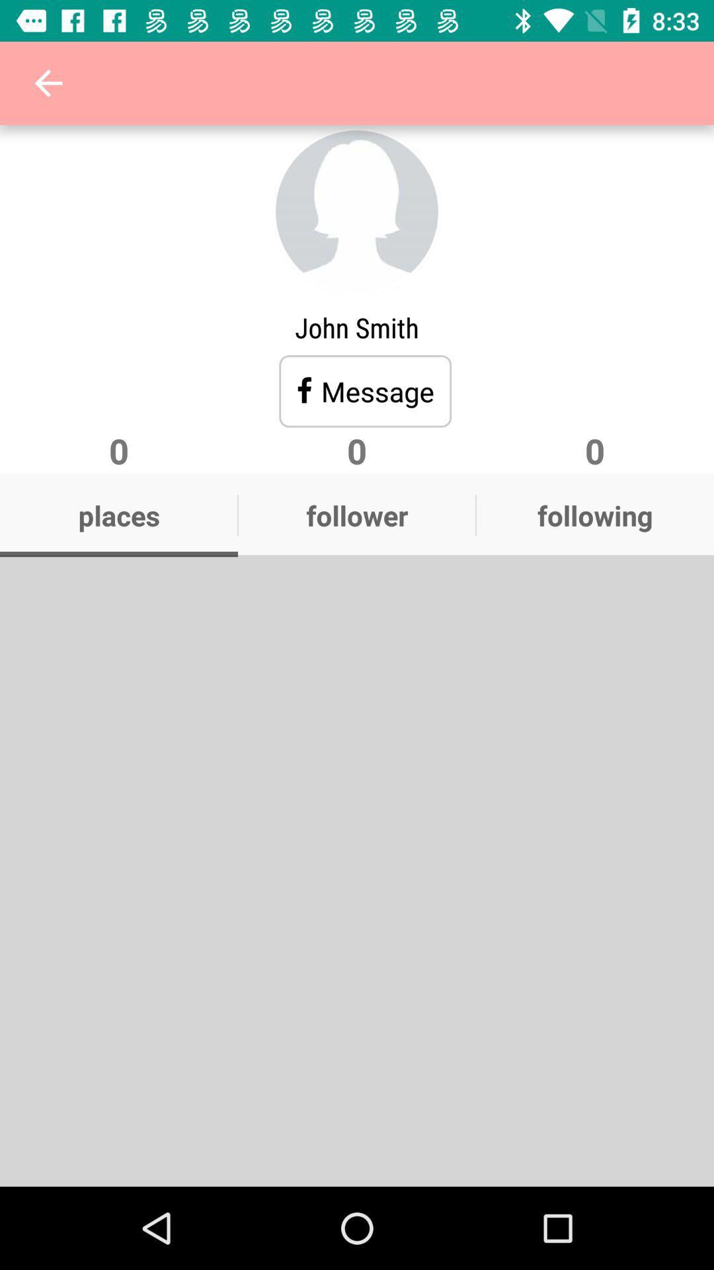 The width and height of the screenshot is (714, 1270). I want to click on follower, so click(357, 514).